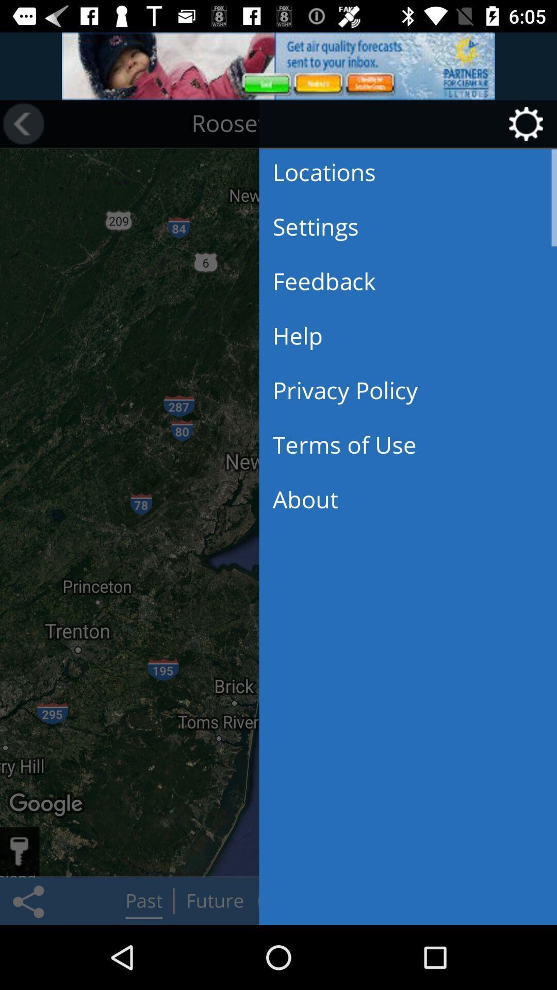 This screenshot has height=990, width=557. What do you see at coordinates (47, 804) in the screenshot?
I see `the text at bottom left corner` at bounding box center [47, 804].